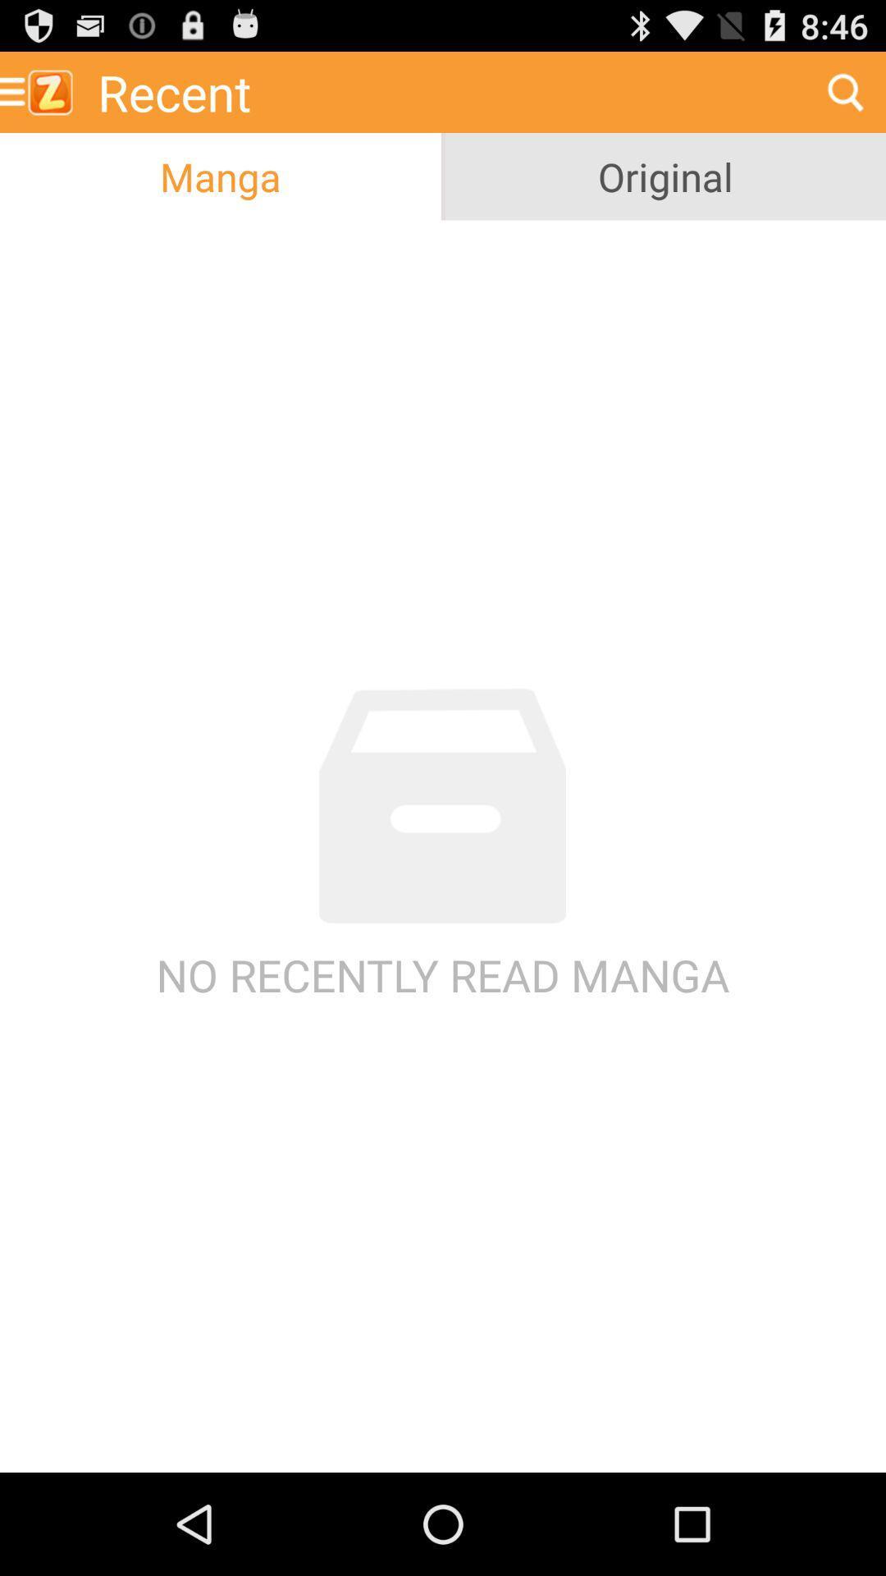 The width and height of the screenshot is (886, 1576). I want to click on icon to the left of recent item, so click(42, 91).